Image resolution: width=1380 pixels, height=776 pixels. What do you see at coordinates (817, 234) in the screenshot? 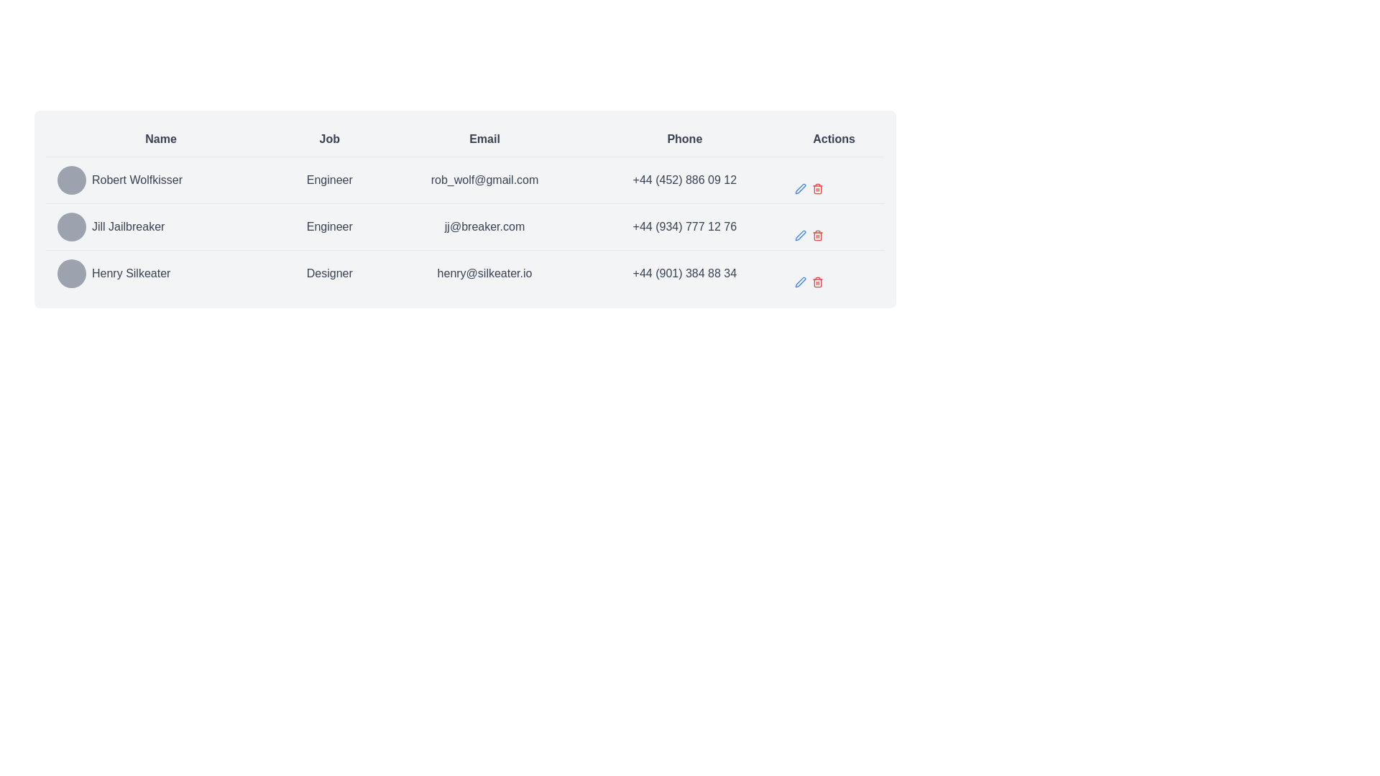
I see `the 'Delete' icon button in the second row under the 'Actions' column to initiate the delete action` at bounding box center [817, 234].